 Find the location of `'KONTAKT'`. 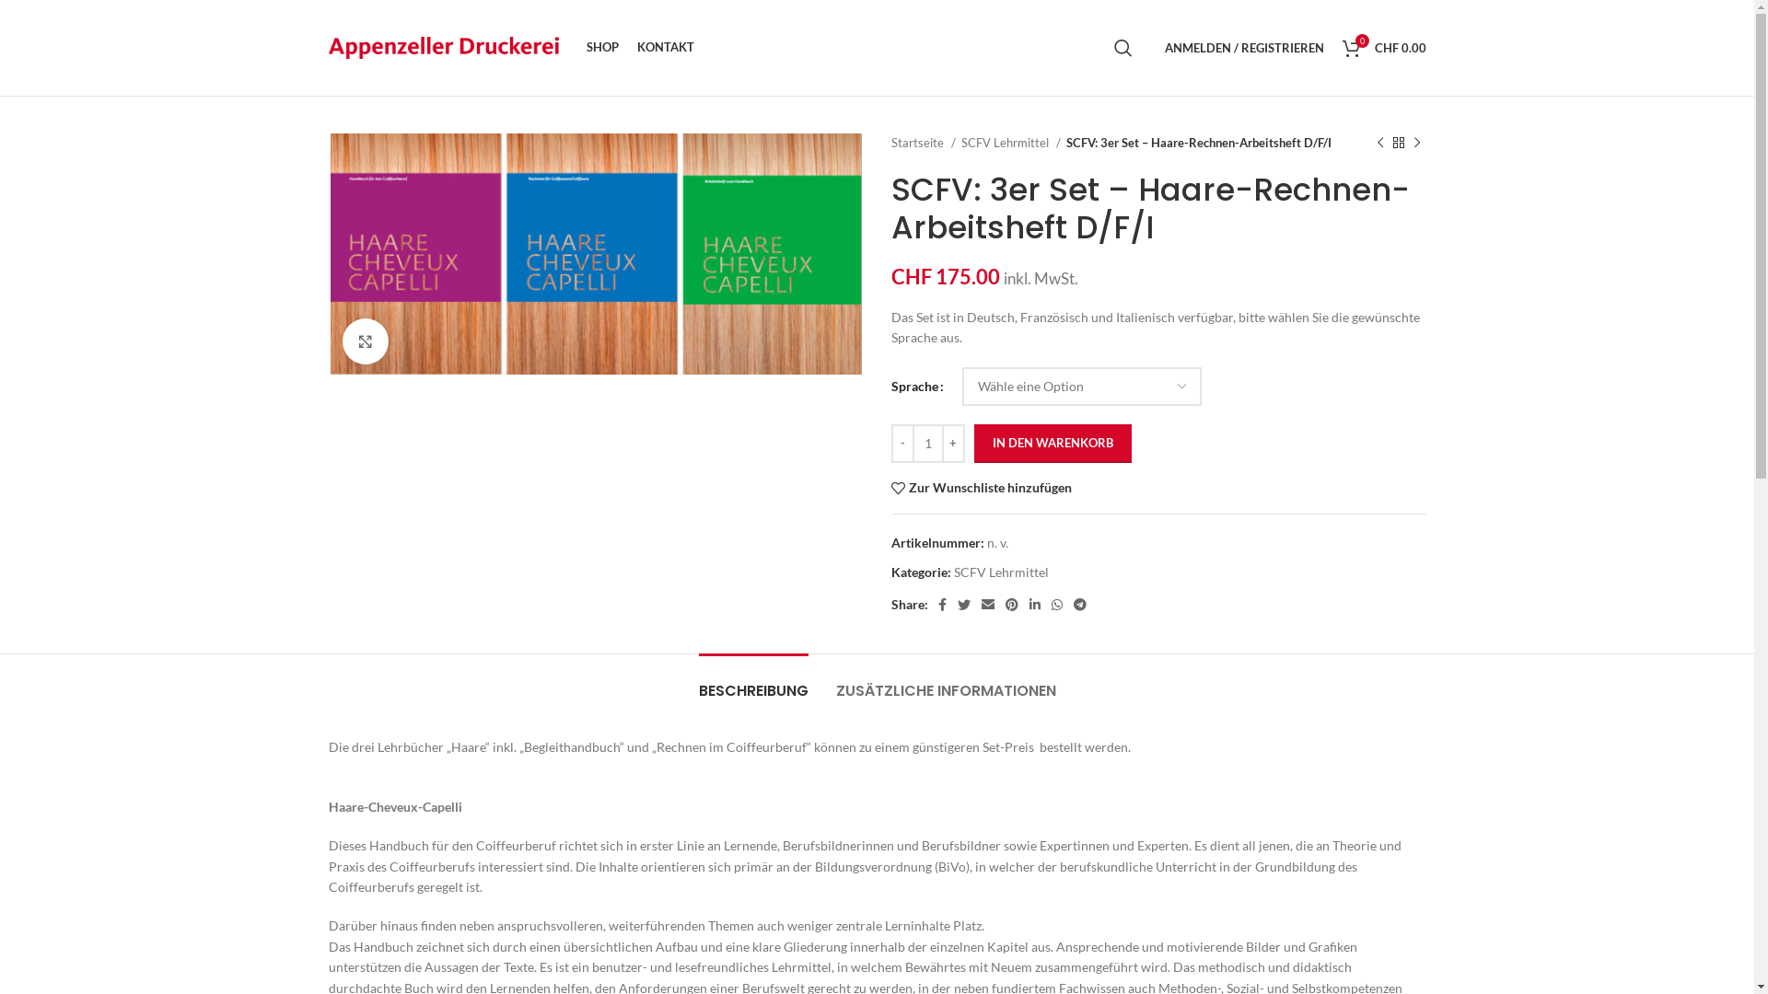

'KONTAKT' is located at coordinates (665, 46).